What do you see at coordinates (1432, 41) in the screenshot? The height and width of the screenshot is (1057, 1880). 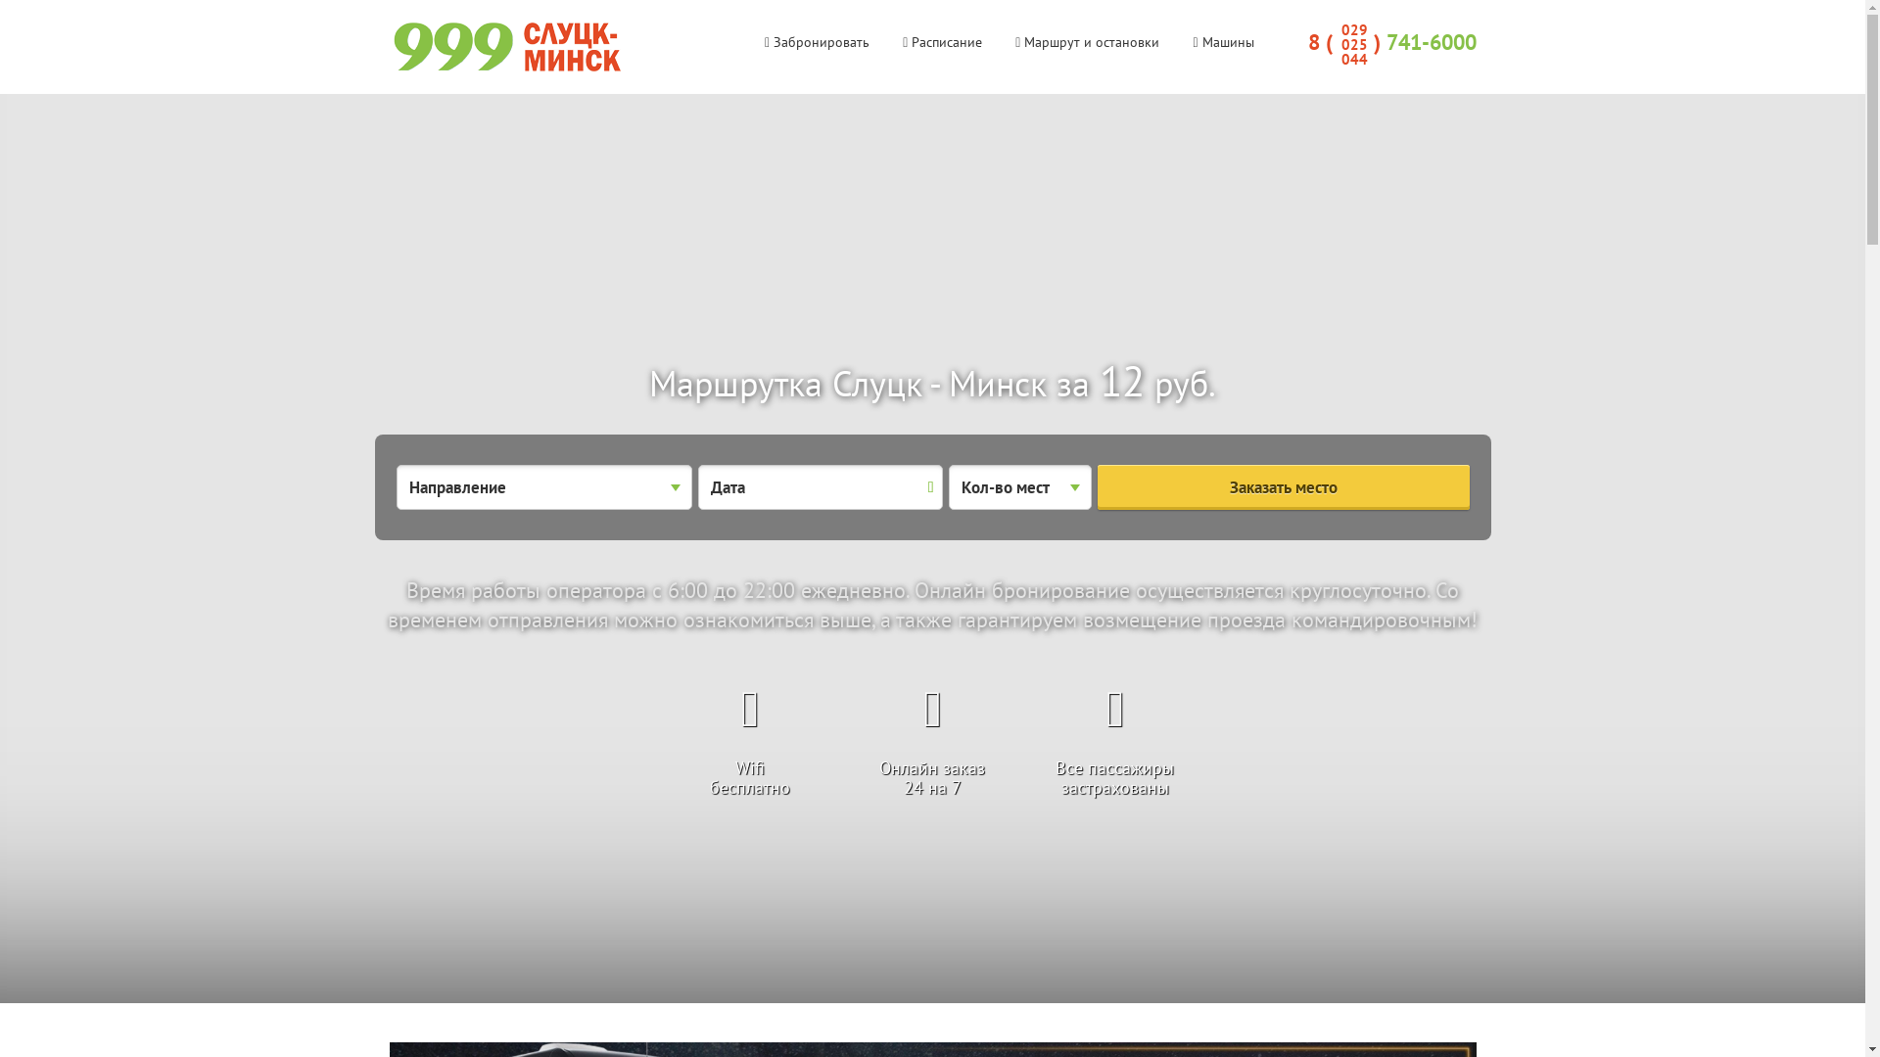 I see `'741-6000'` at bounding box center [1432, 41].